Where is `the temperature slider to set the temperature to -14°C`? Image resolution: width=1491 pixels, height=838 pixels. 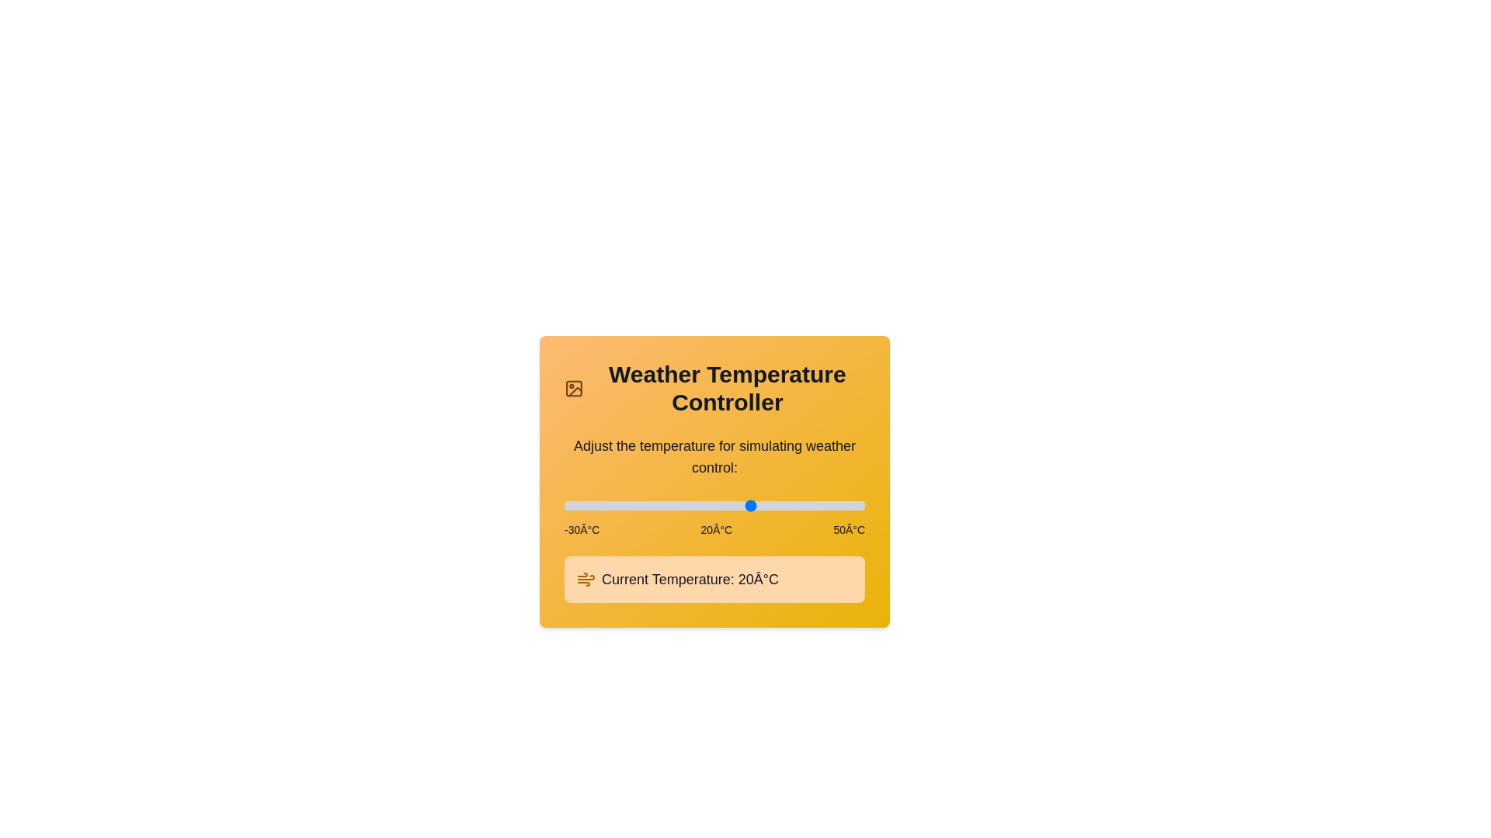
the temperature slider to set the temperature to -14°C is located at coordinates (624, 505).